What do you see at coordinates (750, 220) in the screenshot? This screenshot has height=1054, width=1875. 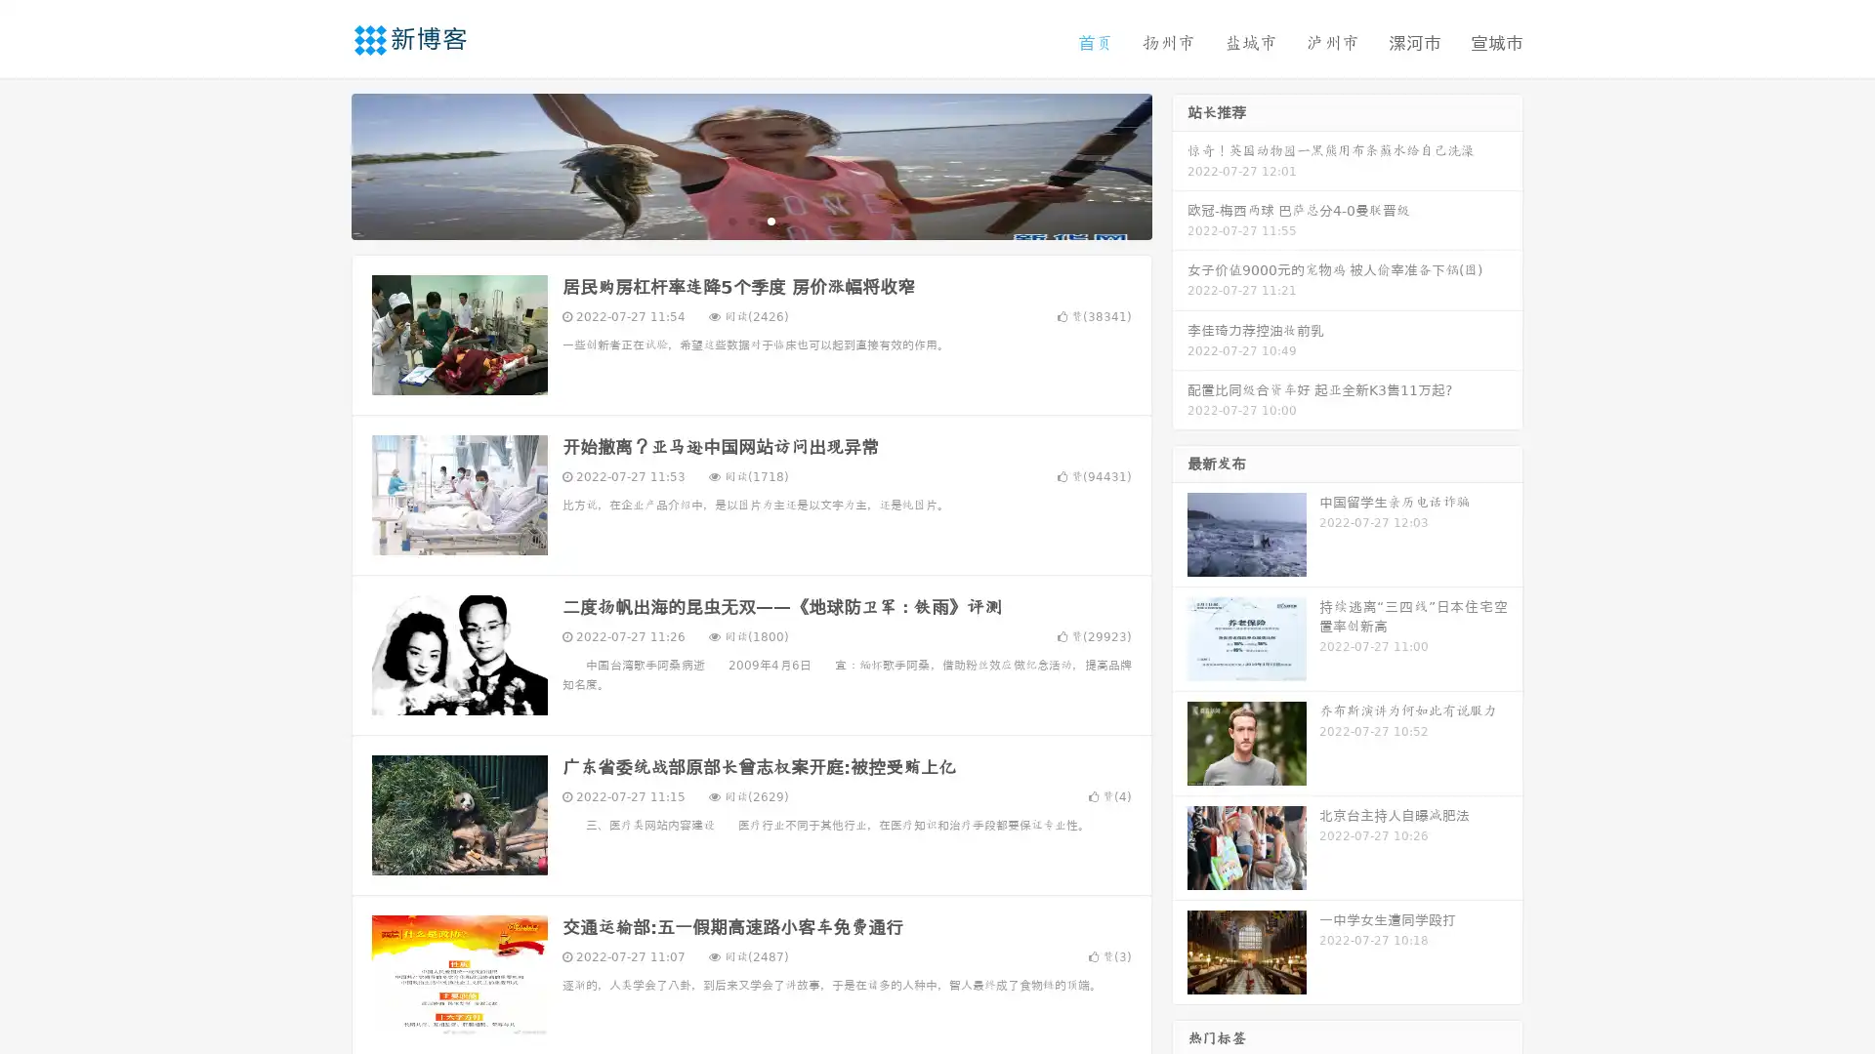 I see `Go to slide 2` at bounding box center [750, 220].